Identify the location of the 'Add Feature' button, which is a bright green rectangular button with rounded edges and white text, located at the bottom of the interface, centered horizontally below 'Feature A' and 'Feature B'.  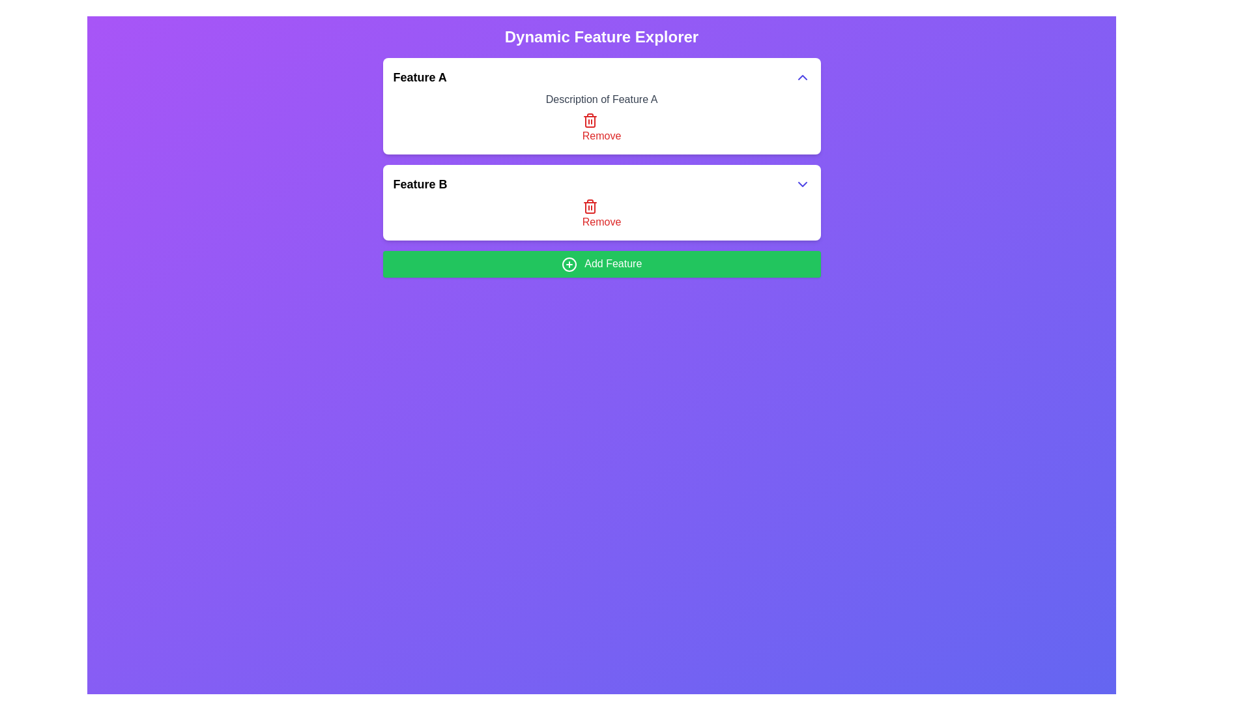
(601, 264).